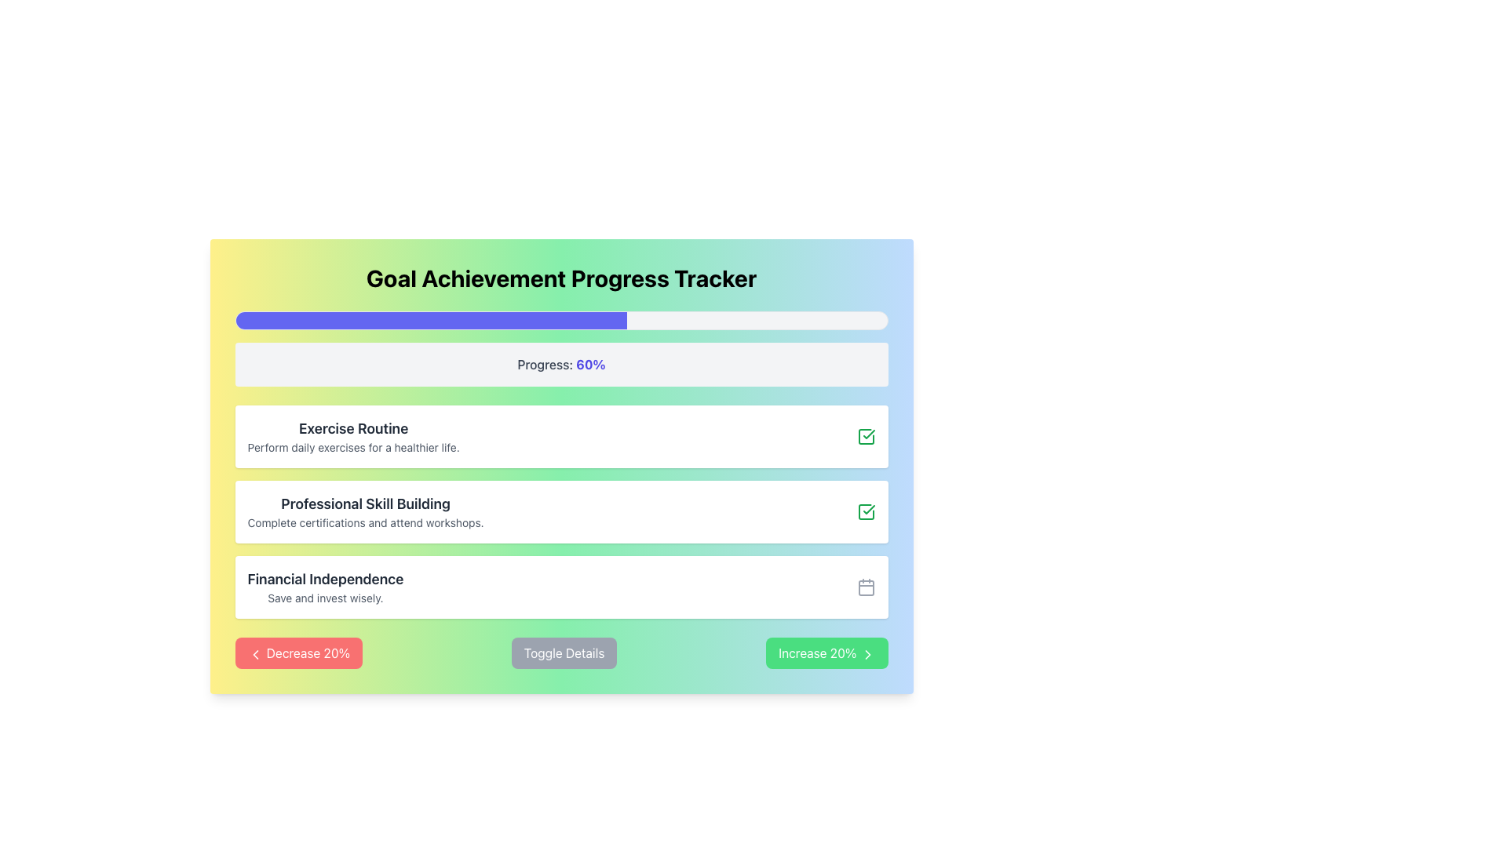 Image resolution: width=1507 pixels, height=847 pixels. What do you see at coordinates (590, 365) in the screenshot?
I see `the static text display that indicates the current progress percentage, located centrally with a light gray background and the text 'Progress'` at bounding box center [590, 365].